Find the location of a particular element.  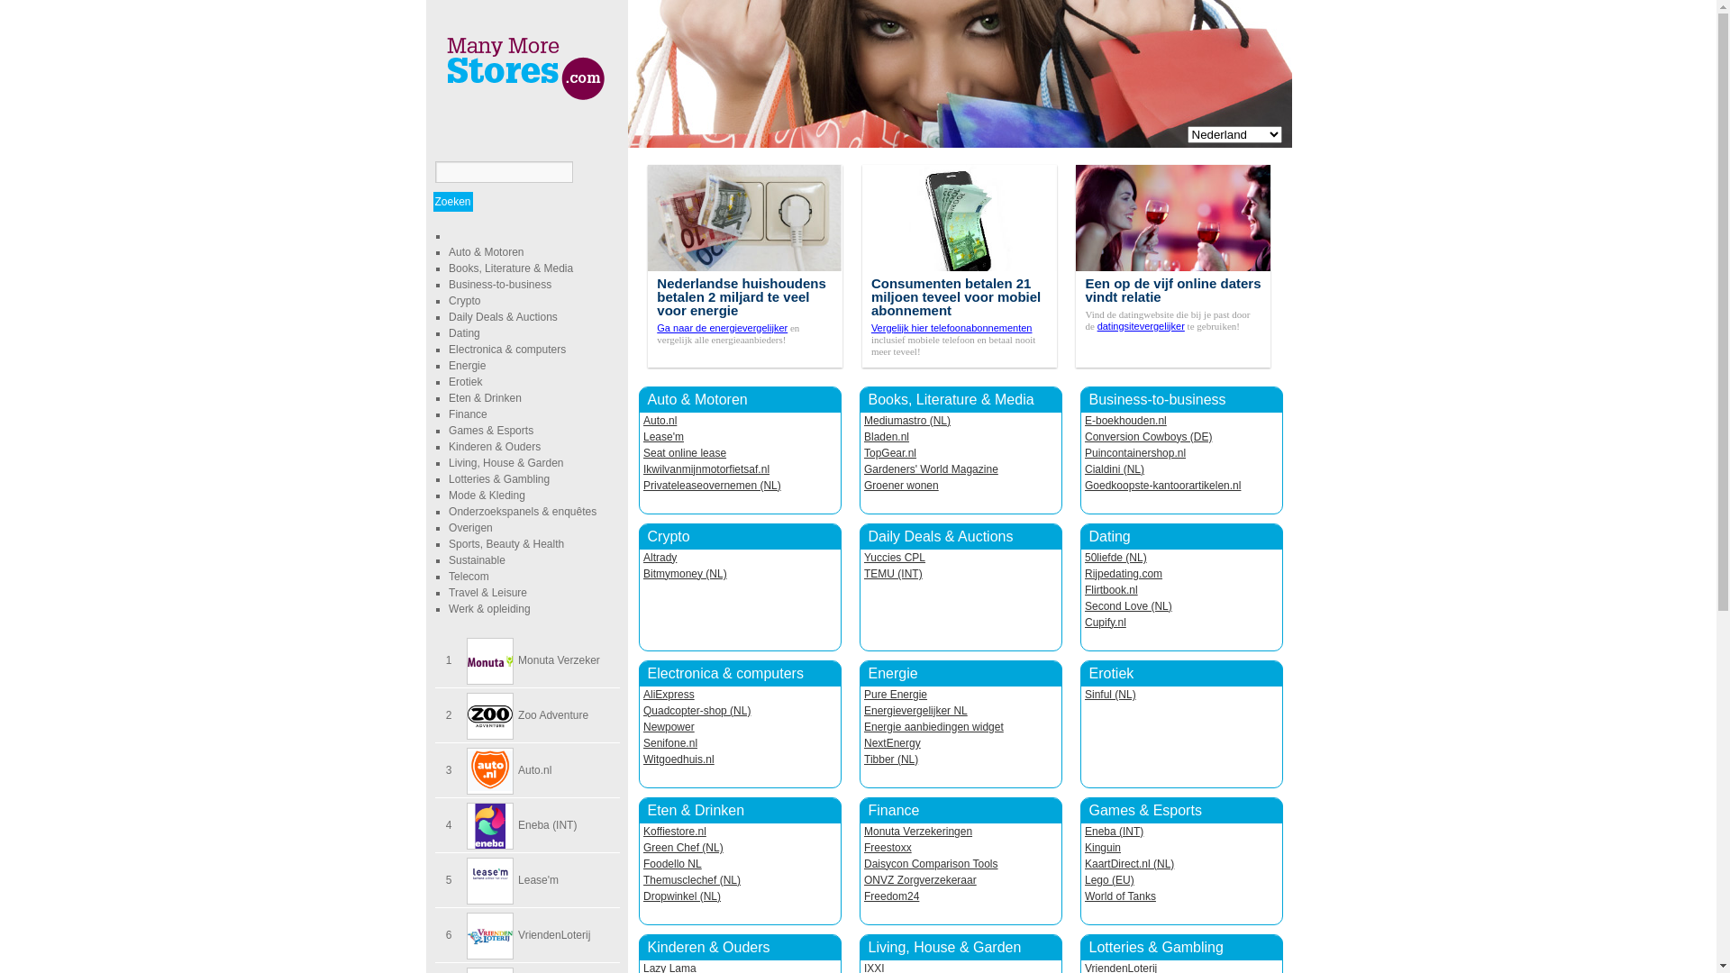

'Bladen.nl' is located at coordinates (863, 437).